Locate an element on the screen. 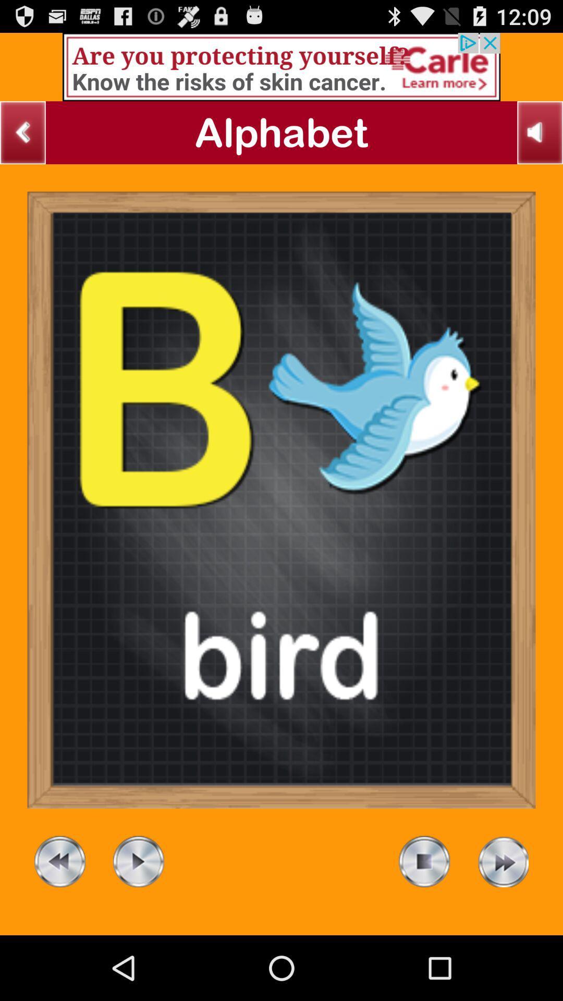 The height and width of the screenshot is (1001, 563). the av_rewind icon is located at coordinates (60, 922).